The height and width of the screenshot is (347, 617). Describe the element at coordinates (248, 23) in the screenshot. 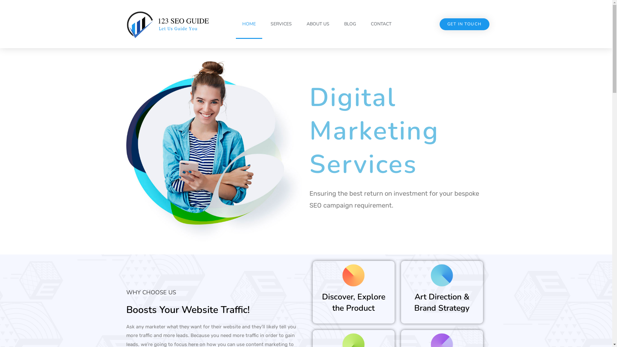

I see `'HOME'` at that location.